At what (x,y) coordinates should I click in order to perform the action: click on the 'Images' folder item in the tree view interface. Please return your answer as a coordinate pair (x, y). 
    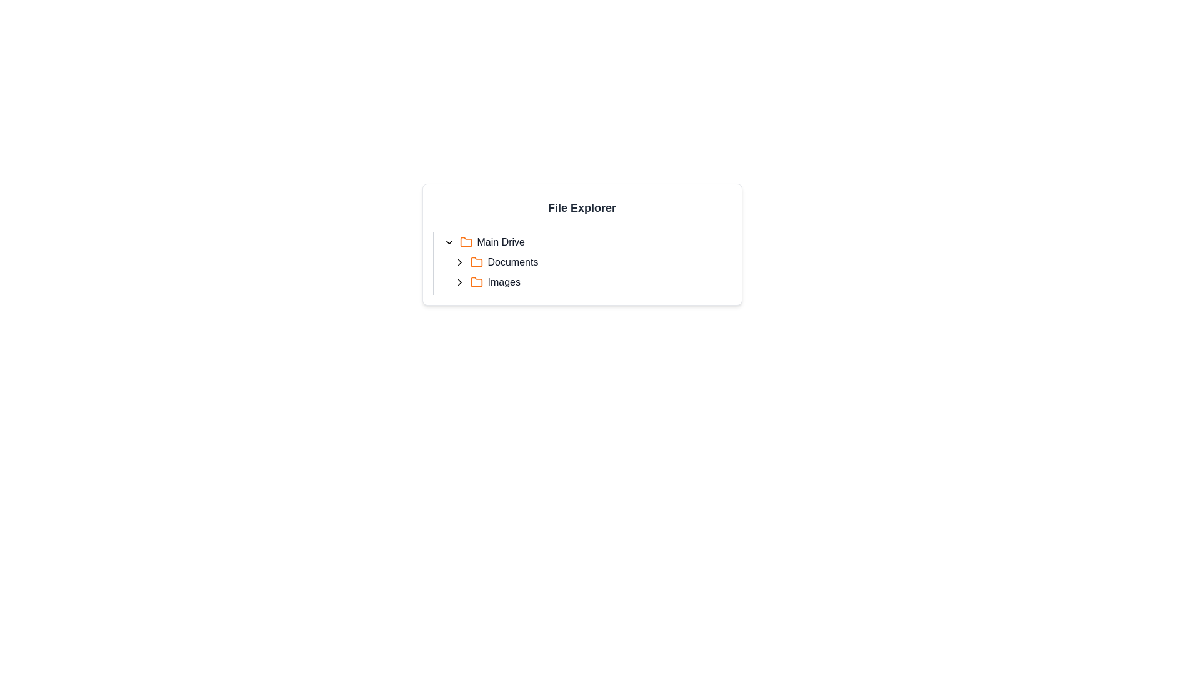
    Looking at the image, I should click on (592, 282).